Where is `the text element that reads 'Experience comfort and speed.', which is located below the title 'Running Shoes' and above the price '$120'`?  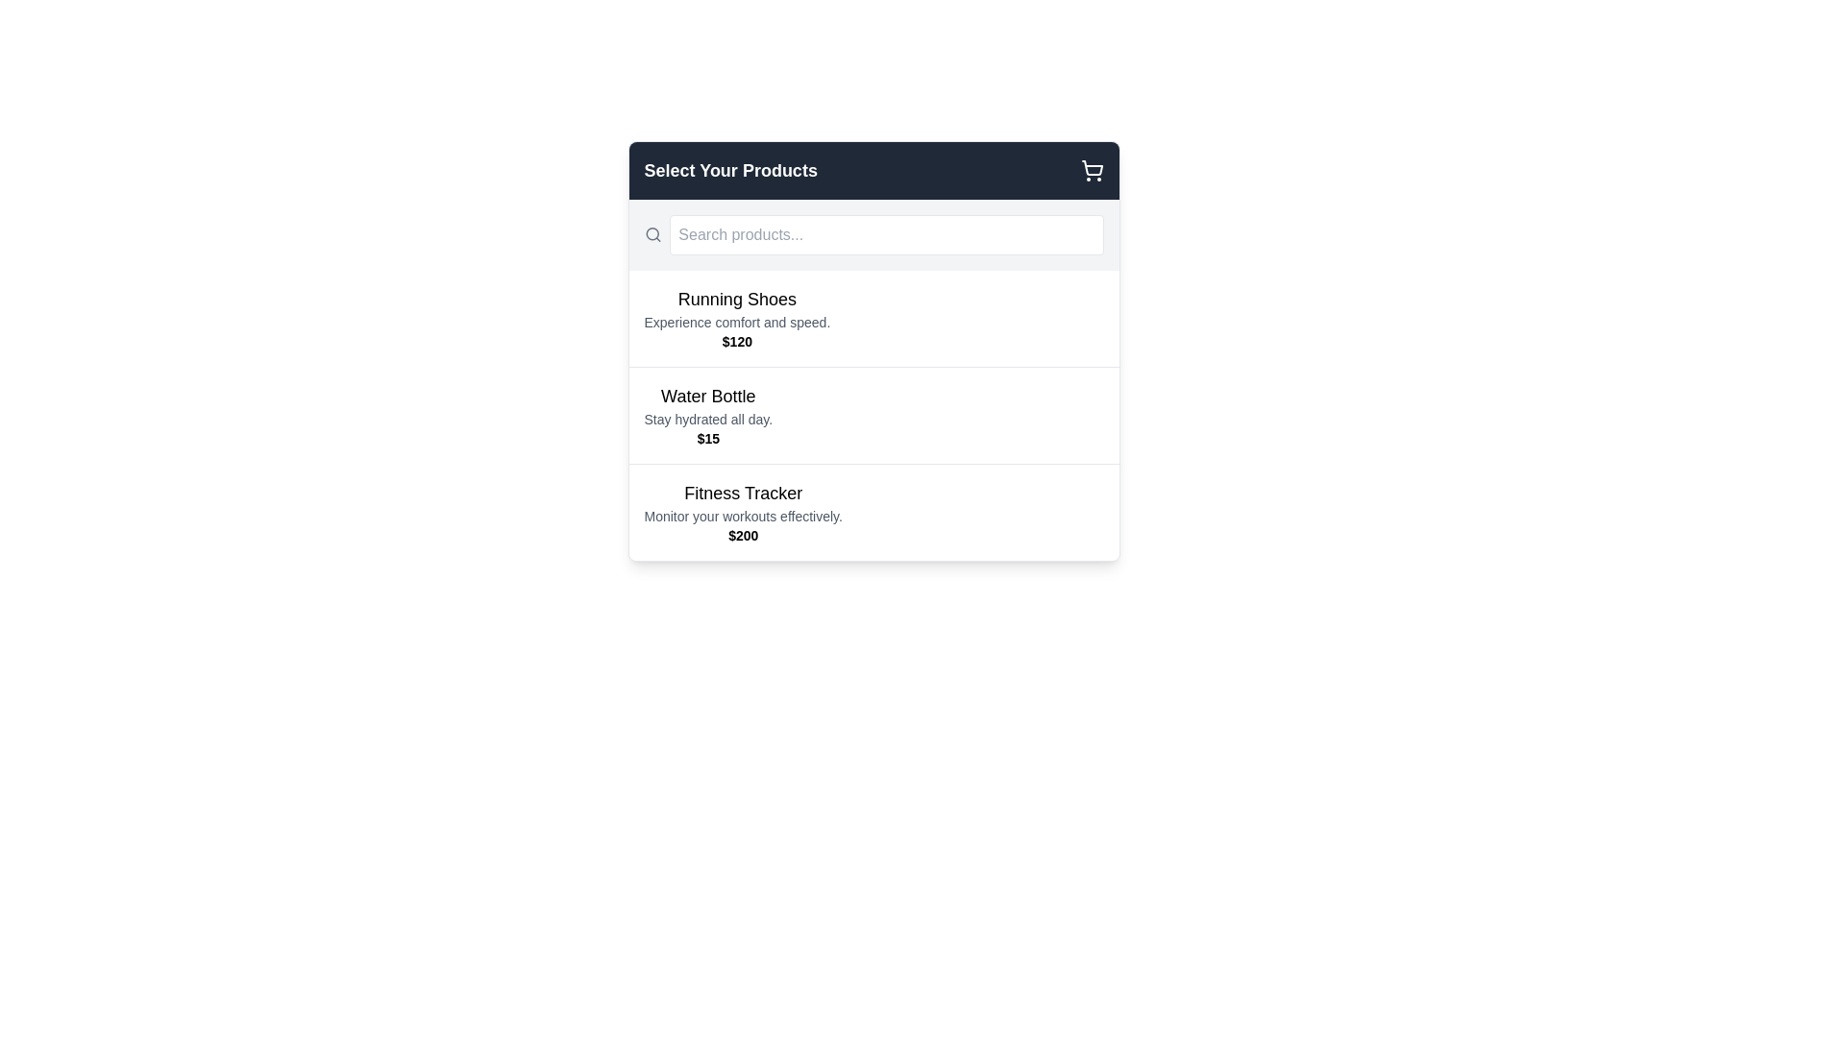 the text element that reads 'Experience comfort and speed.', which is located below the title 'Running Shoes' and above the price '$120' is located at coordinates (736, 321).